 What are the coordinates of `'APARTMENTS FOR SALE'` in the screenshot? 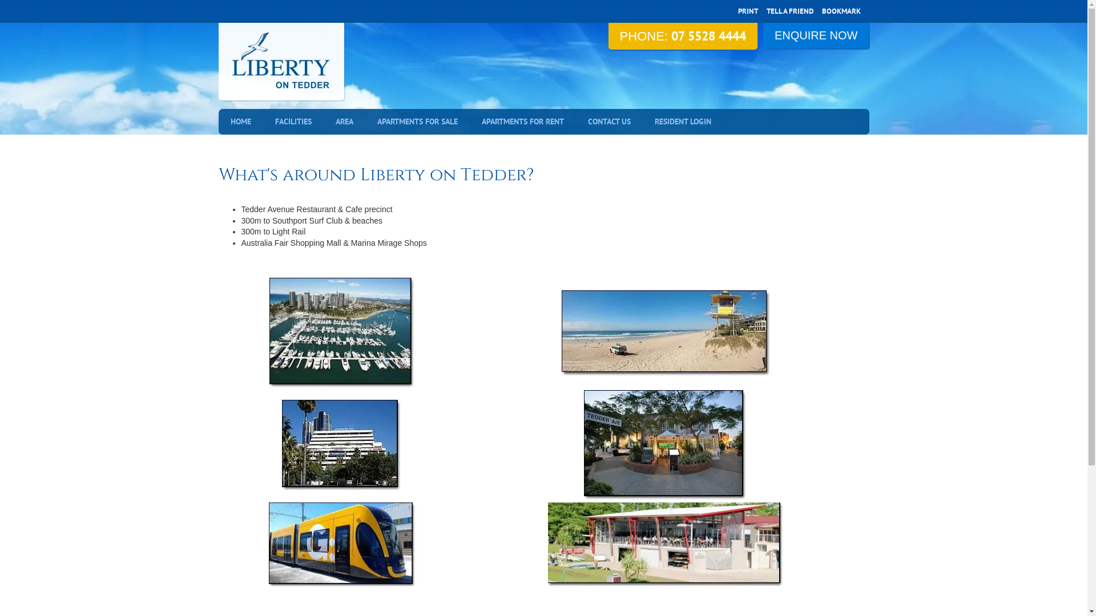 It's located at (417, 121).